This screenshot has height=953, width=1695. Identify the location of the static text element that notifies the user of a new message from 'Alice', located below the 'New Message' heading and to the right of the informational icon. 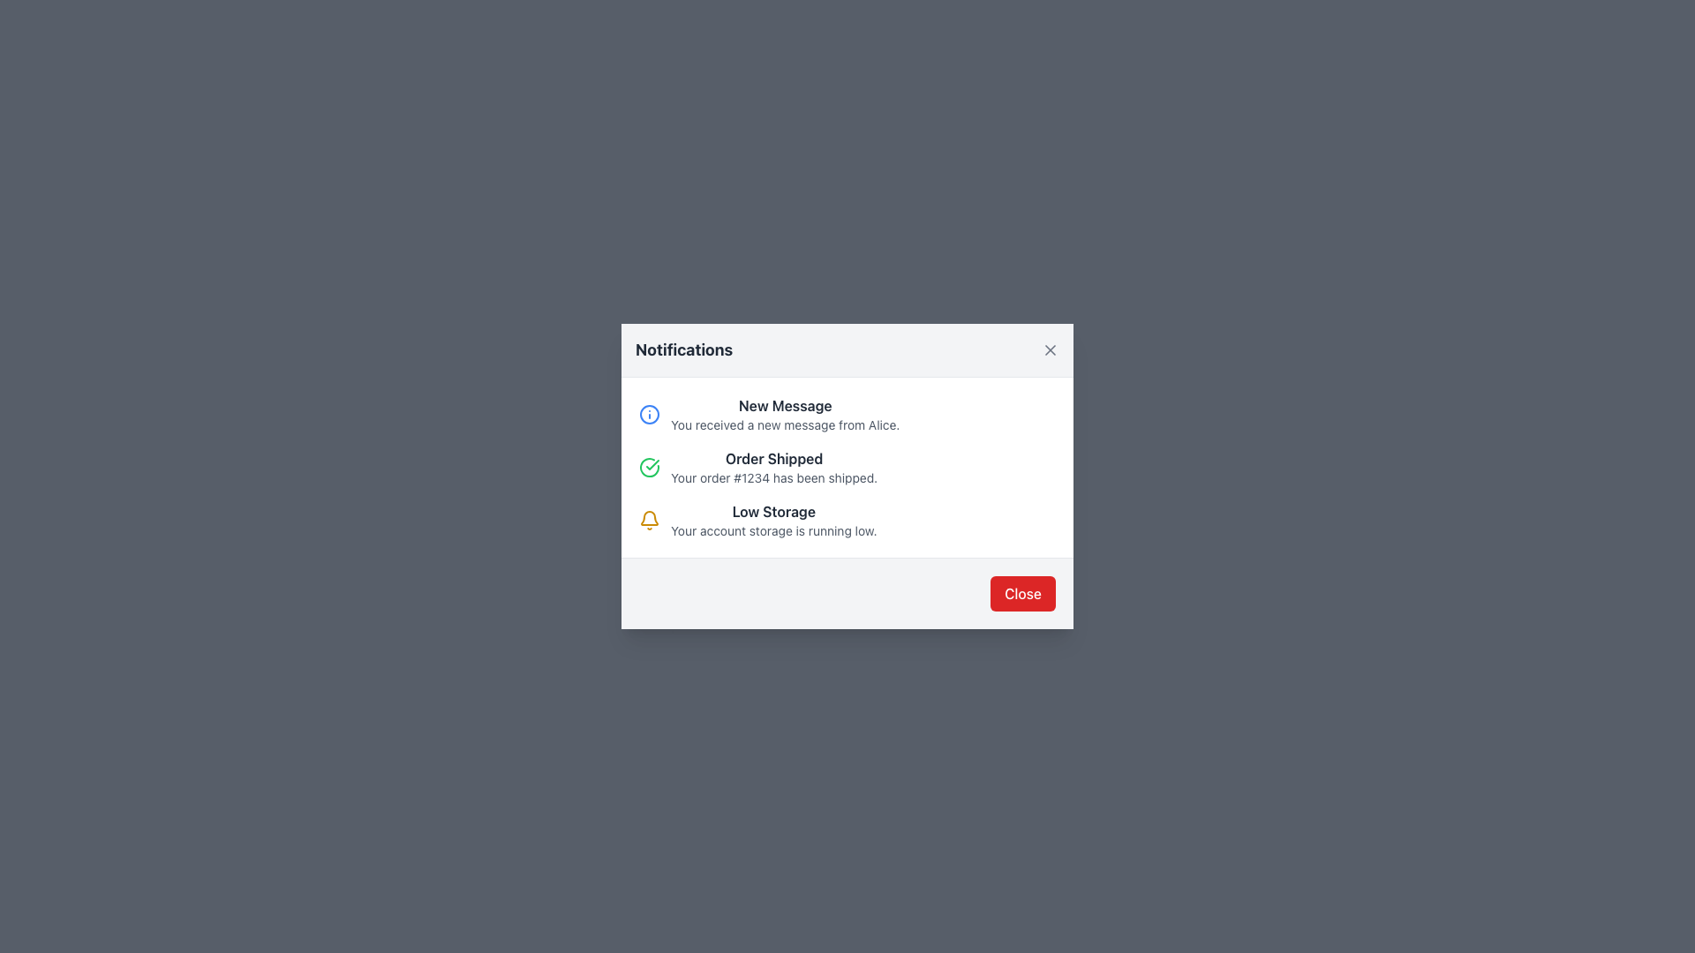
(784, 425).